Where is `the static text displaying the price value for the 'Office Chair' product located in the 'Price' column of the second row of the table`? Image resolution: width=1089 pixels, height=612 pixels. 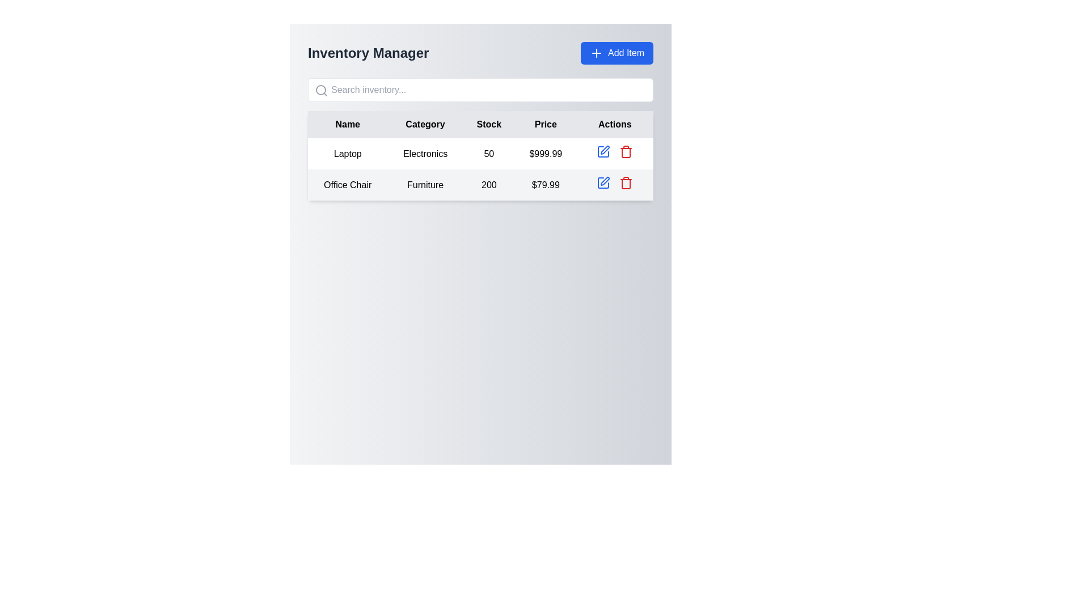 the static text displaying the price value for the 'Office Chair' product located in the 'Price' column of the second row of the table is located at coordinates (546, 184).